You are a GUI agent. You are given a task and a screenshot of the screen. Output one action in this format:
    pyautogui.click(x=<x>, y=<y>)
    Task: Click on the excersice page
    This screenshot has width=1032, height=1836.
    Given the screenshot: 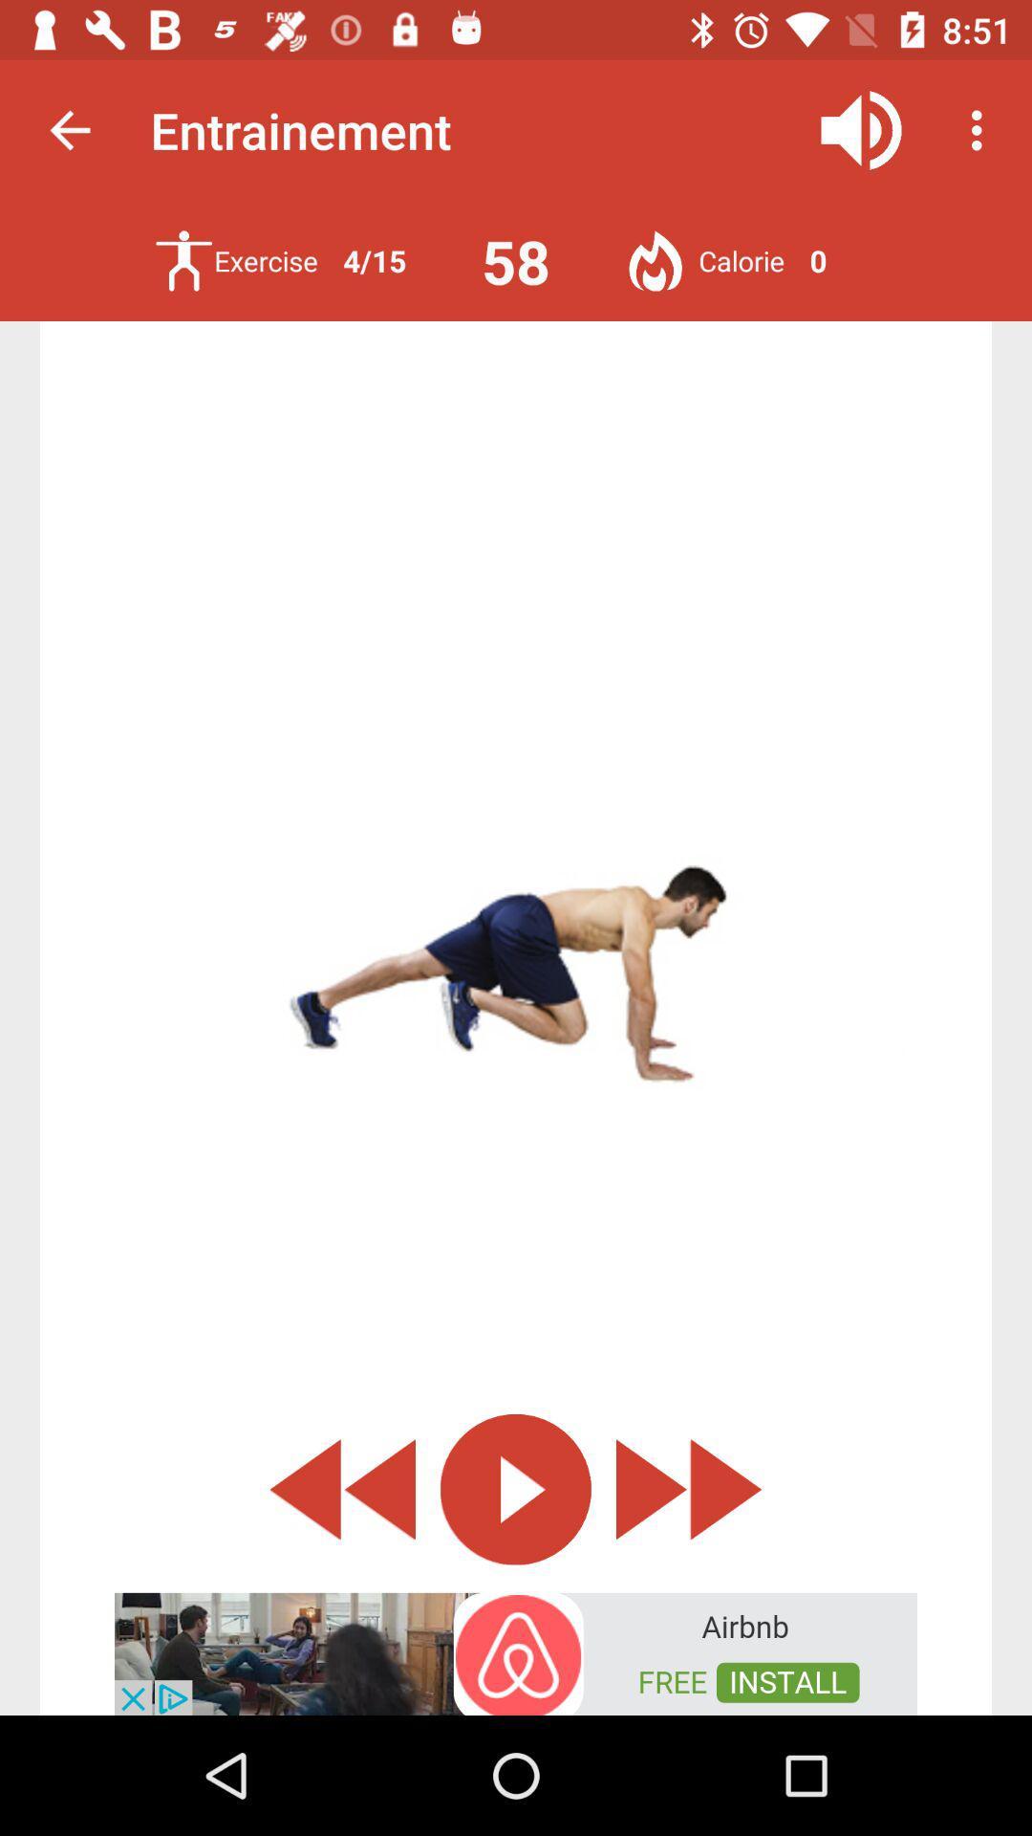 What is the action you would take?
    pyautogui.click(x=183, y=260)
    